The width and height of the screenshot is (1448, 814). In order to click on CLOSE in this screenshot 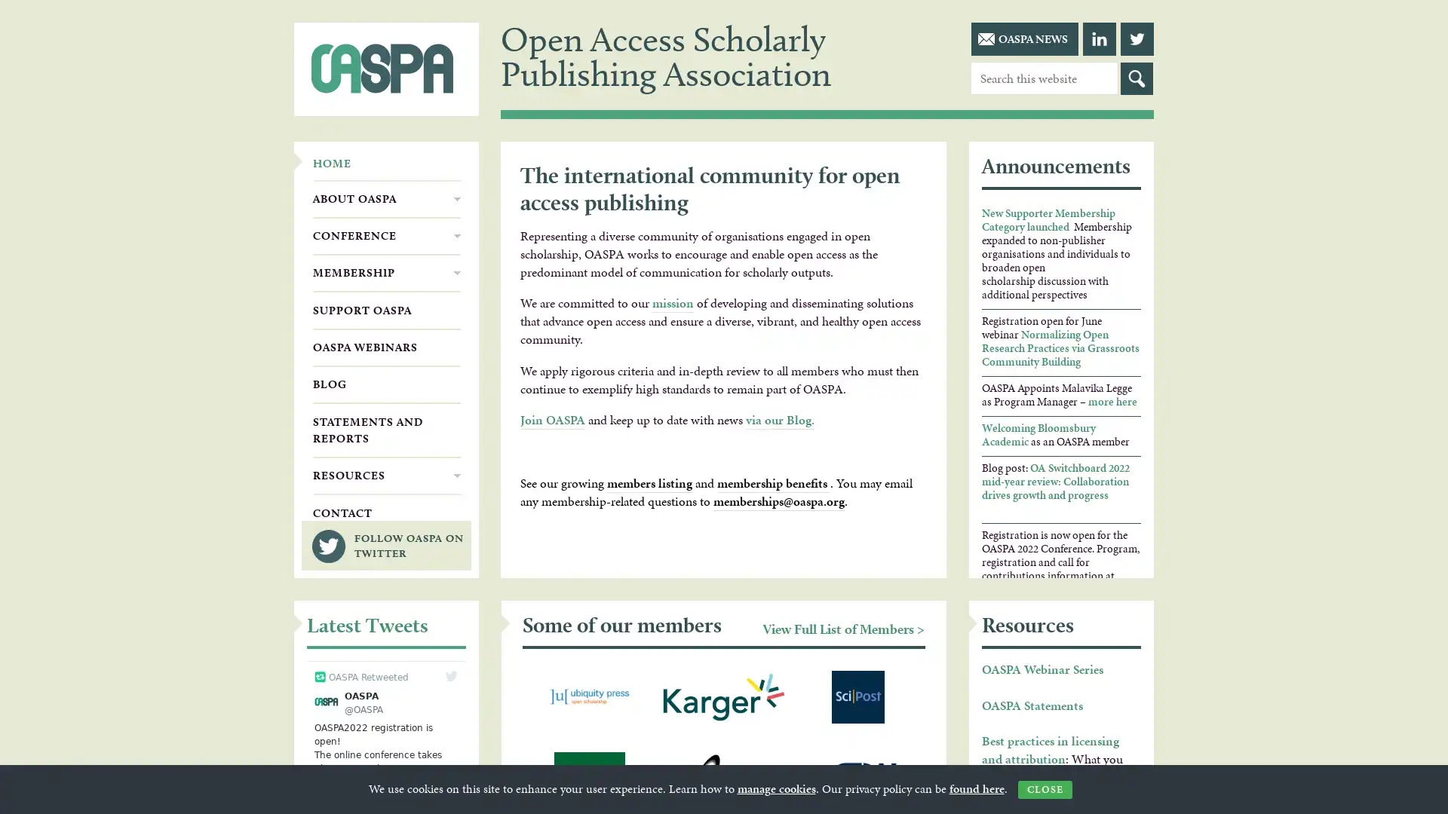, I will do `click(1044, 789)`.